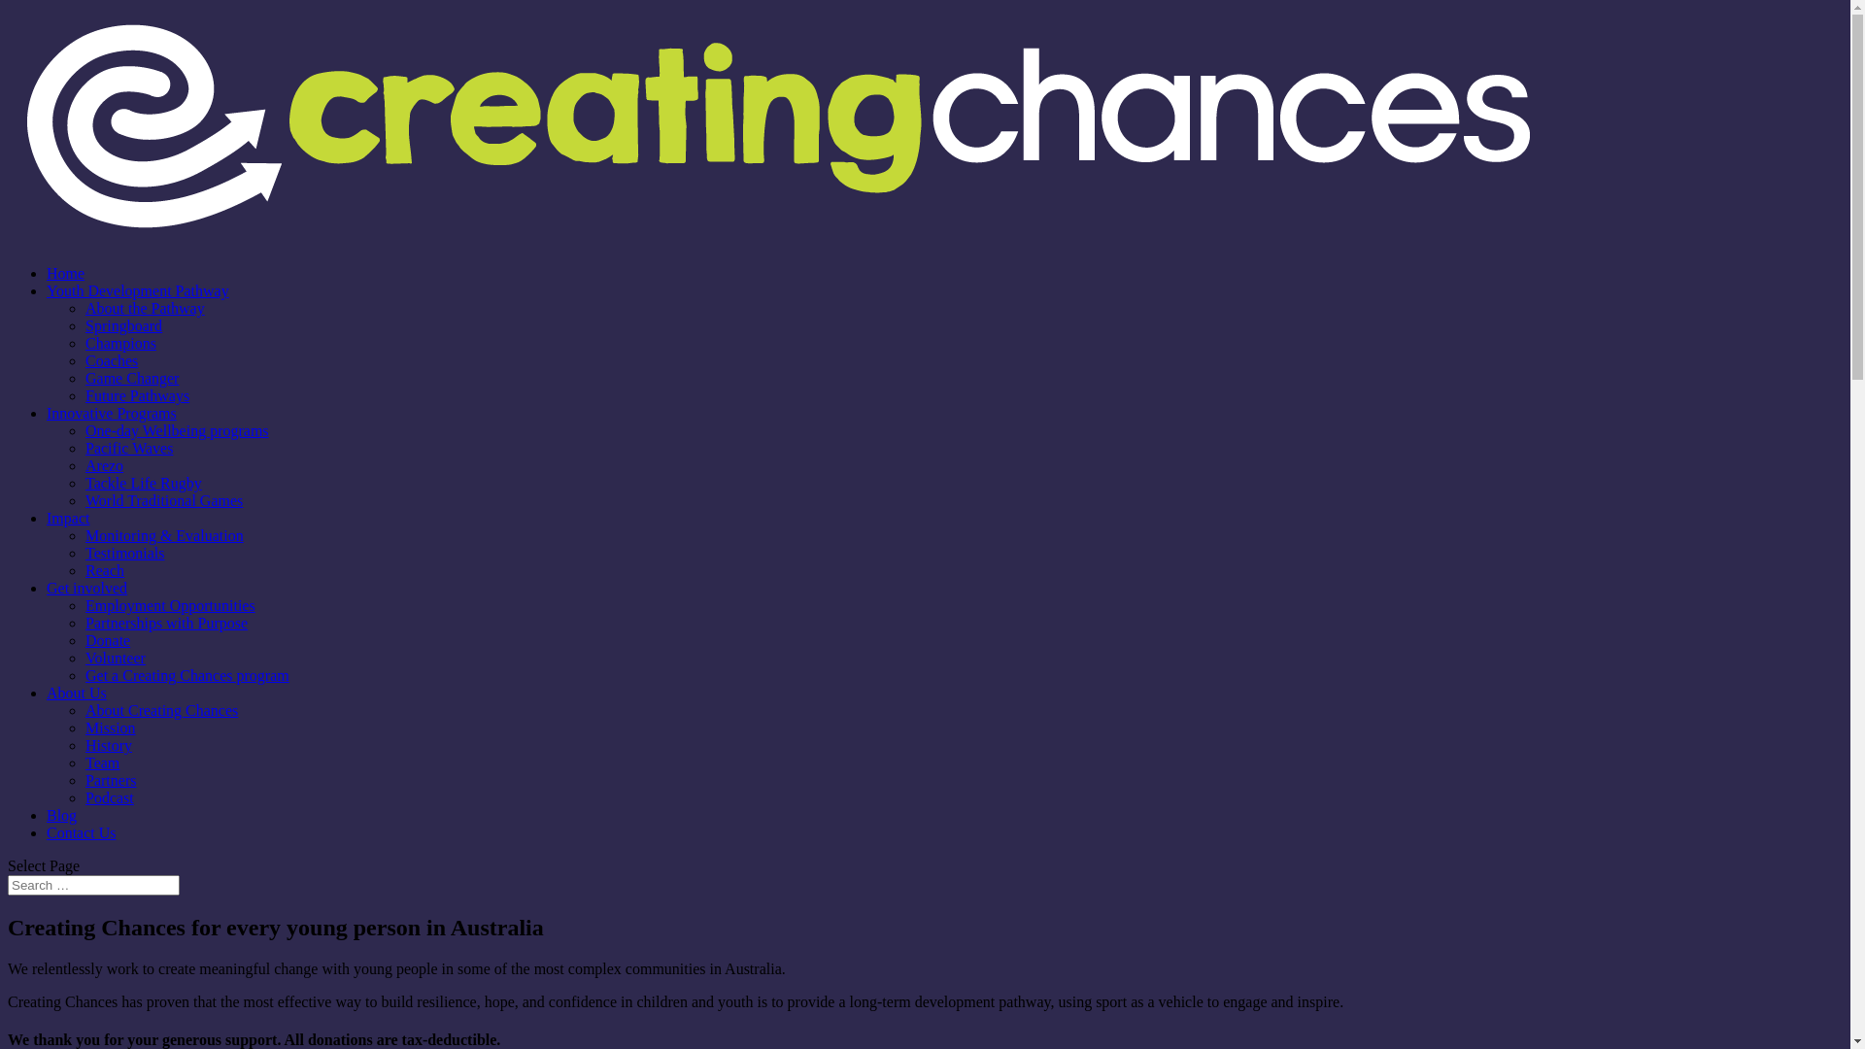  Describe the element at coordinates (161, 710) in the screenshot. I see `'About Creating Chances'` at that location.